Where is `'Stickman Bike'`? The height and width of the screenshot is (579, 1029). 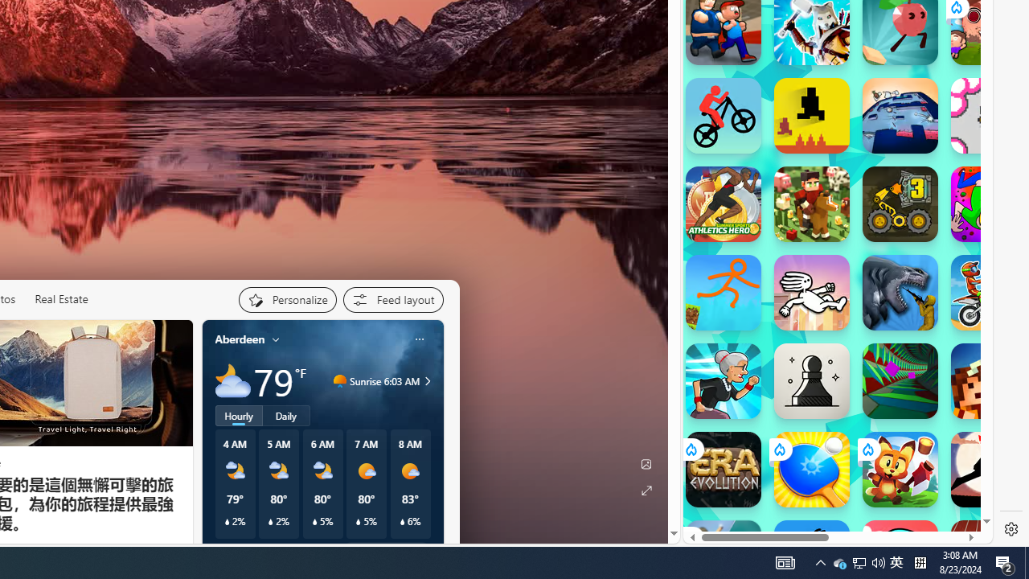
'Stickman Bike' is located at coordinates (722, 115).